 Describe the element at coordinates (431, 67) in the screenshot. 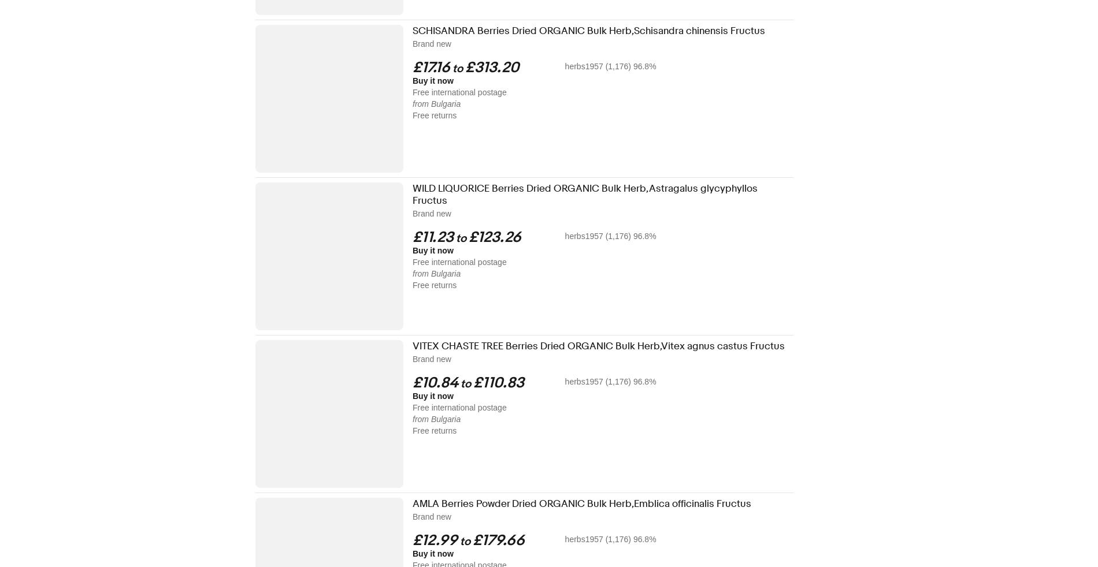

I see `'£17.16'` at that location.